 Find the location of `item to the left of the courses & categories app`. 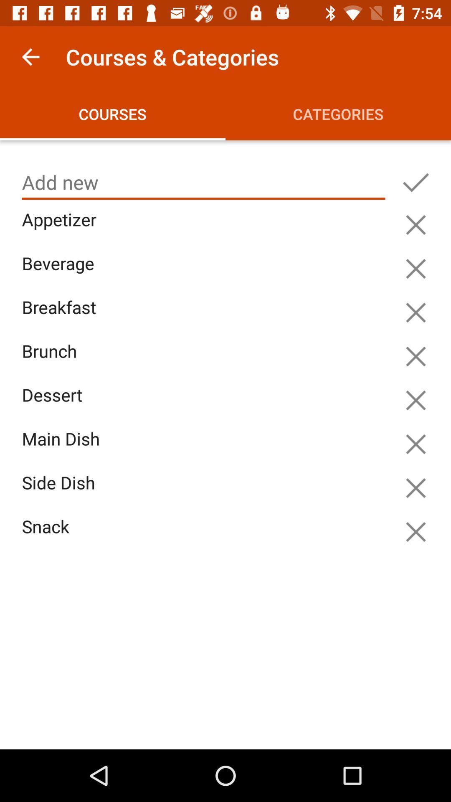

item to the left of the courses & categories app is located at coordinates (30, 56).